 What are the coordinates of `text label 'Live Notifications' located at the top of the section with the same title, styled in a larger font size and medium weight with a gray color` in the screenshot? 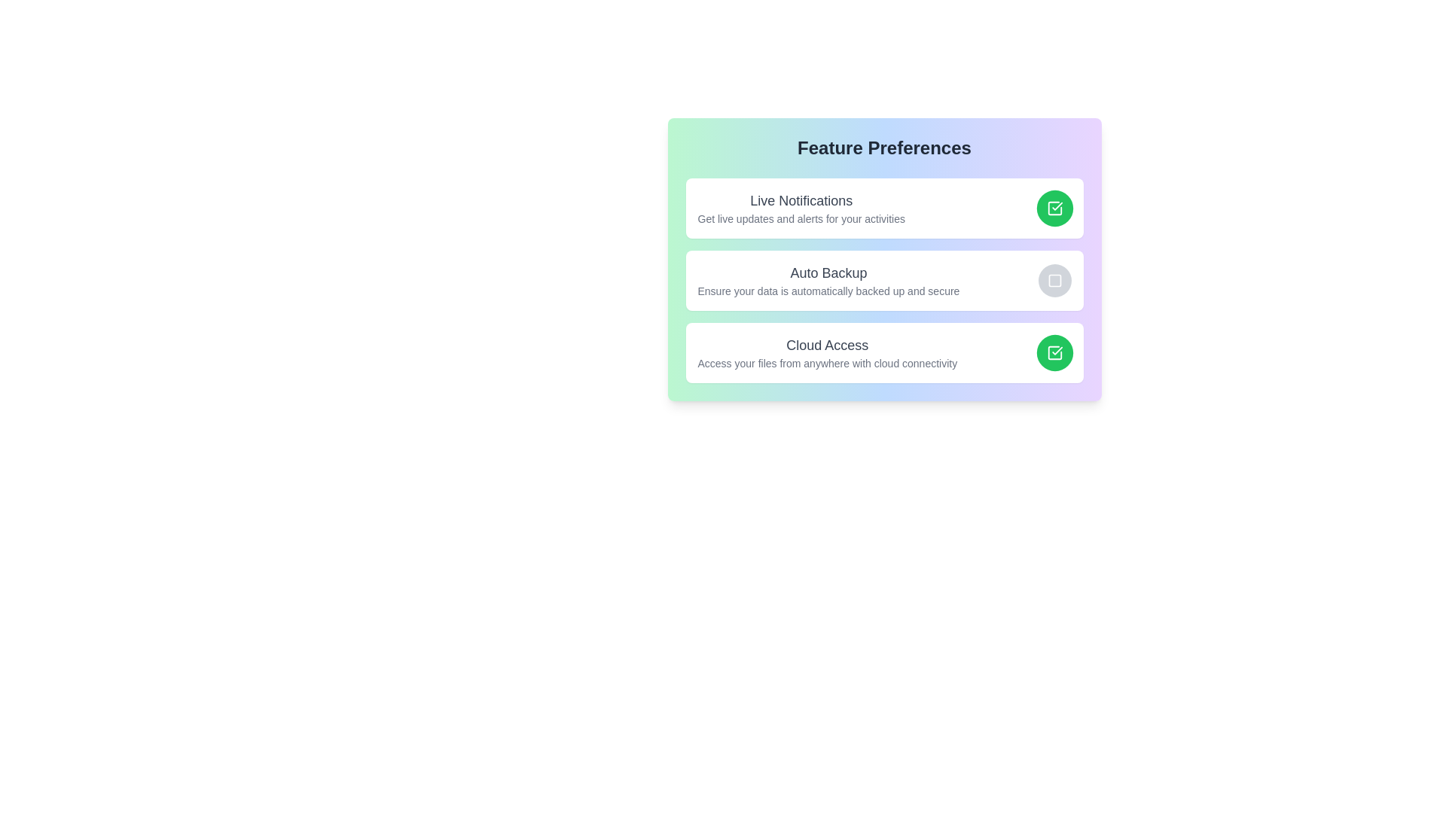 It's located at (801, 199).